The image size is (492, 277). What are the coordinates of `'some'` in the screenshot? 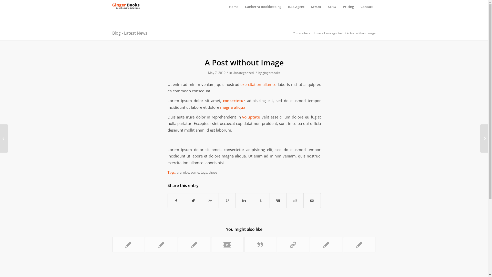 It's located at (190, 172).